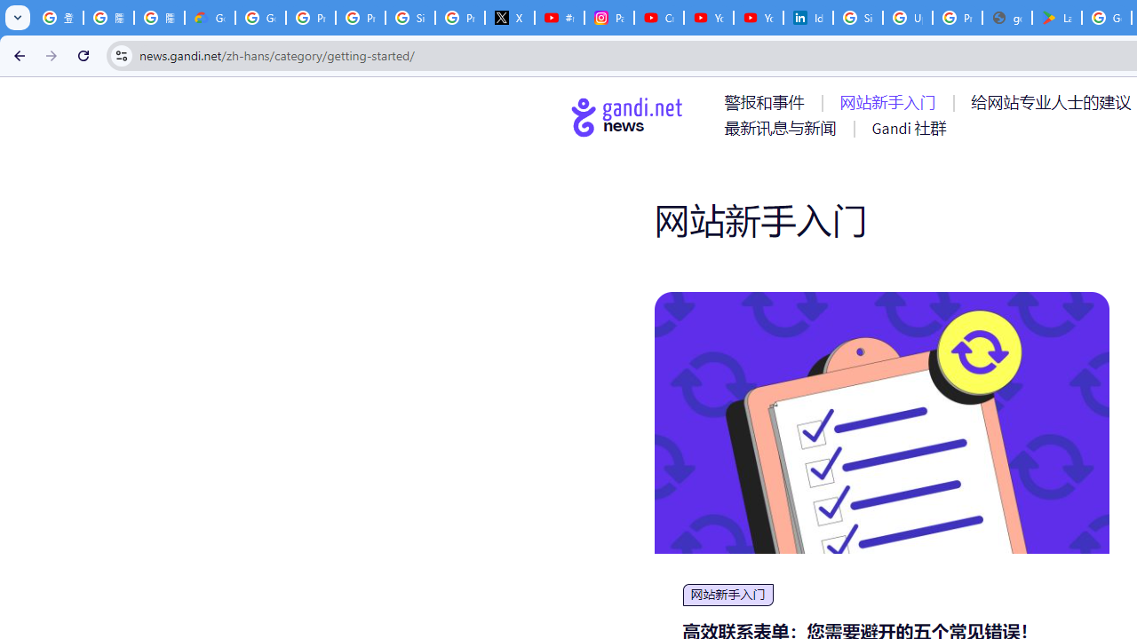 The image size is (1137, 639). Describe the element at coordinates (627, 116) in the screenshot. I see `'Go to home'` at that location.